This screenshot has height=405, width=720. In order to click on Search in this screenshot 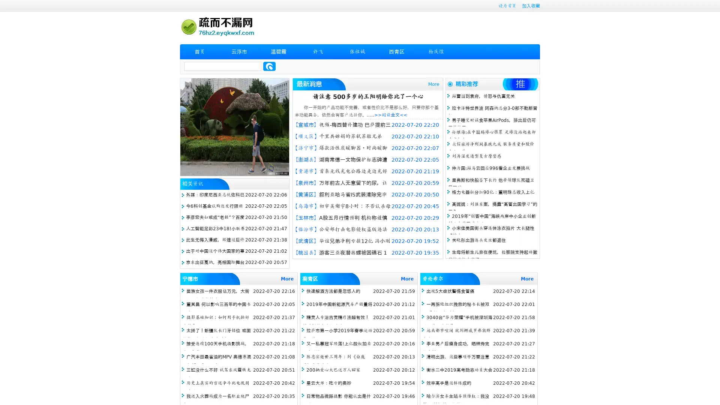, I will do `click(269, 66)`.